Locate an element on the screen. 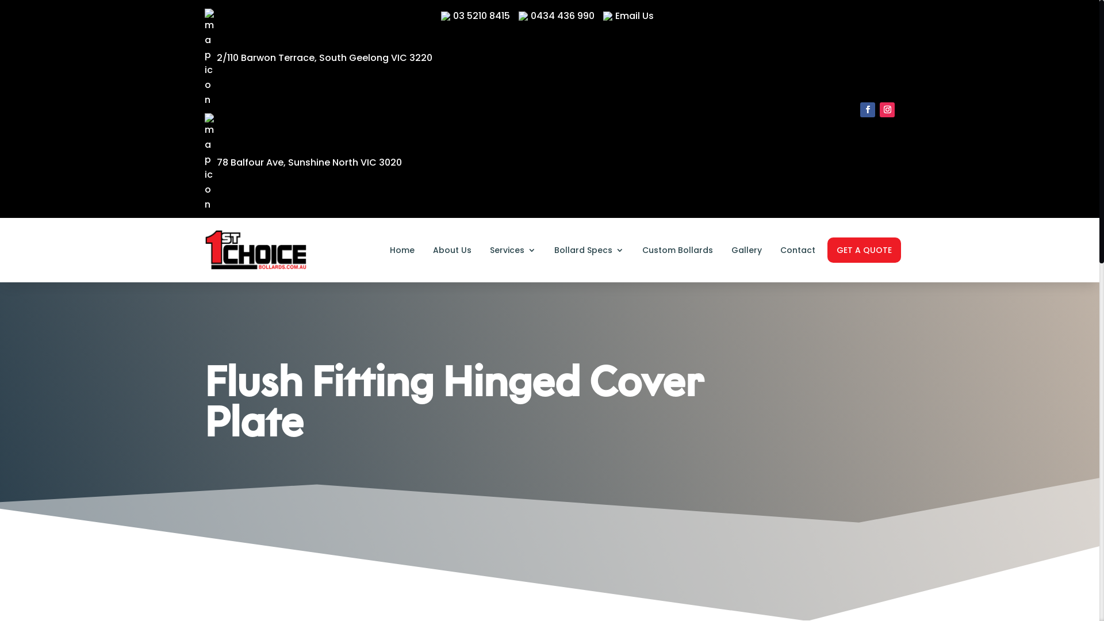 The image size is (1104, 621). '2/110 Barwon Terrace, South Geelong VIC 3220' is located at coordinates (318, 57).